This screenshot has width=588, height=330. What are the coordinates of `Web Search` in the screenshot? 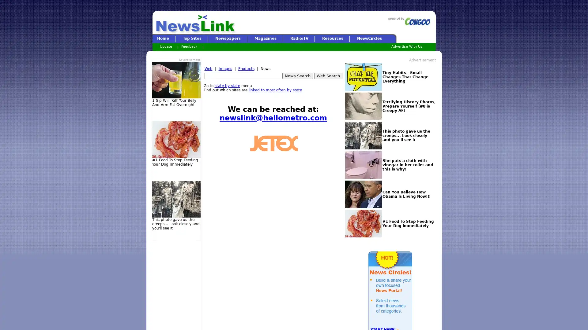 It's located at (327, 75).